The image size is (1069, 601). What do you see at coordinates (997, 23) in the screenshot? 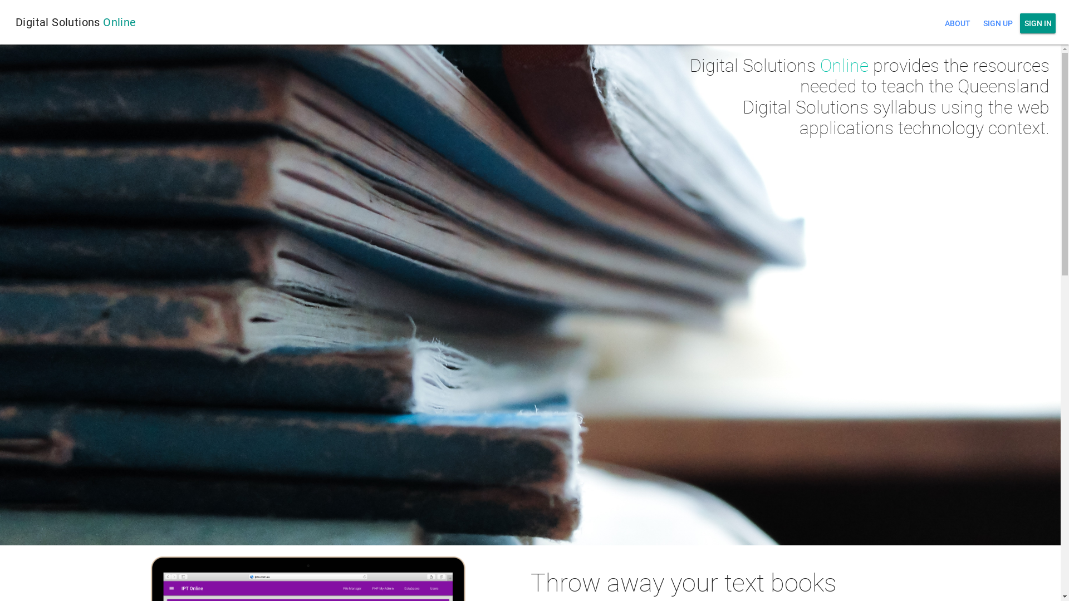
I see `'SIGN UP'` at bounding box center [997, 23].